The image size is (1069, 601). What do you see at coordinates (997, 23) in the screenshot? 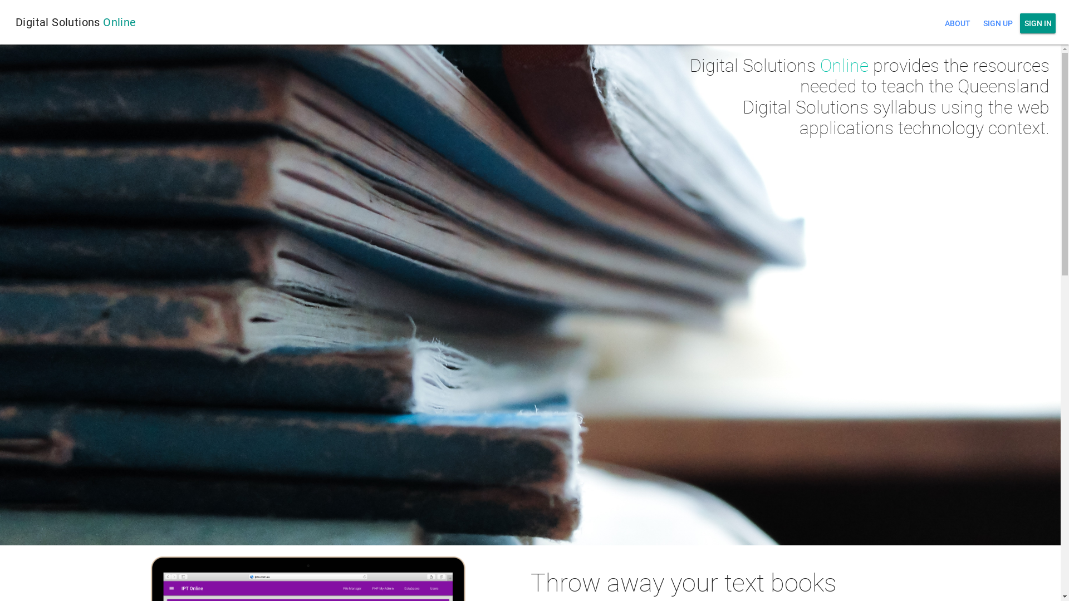
I see `'SIGN UP'` at bounding box center [997, 23].